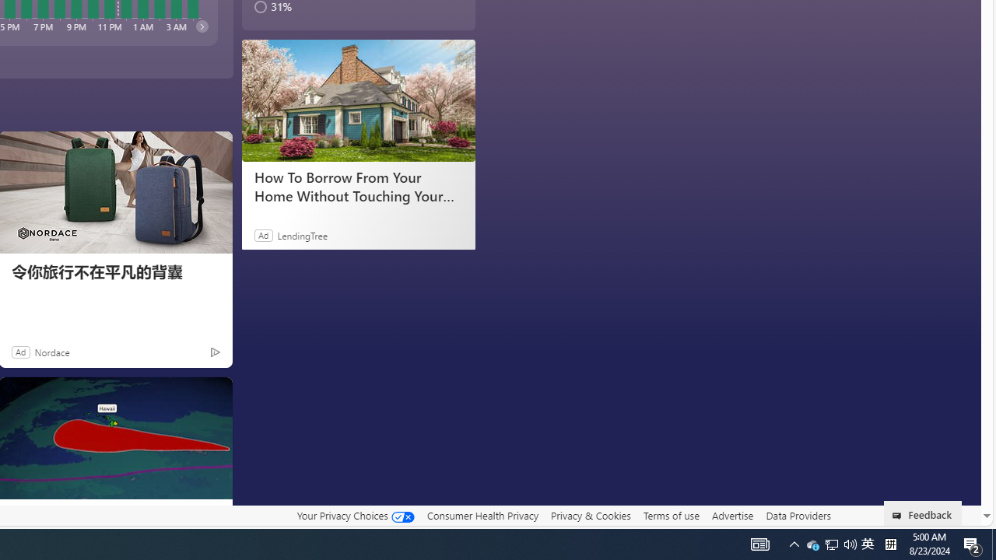  Describe the element at coordinates (201, 26) in the screenshot. I see `'next'` at that location.